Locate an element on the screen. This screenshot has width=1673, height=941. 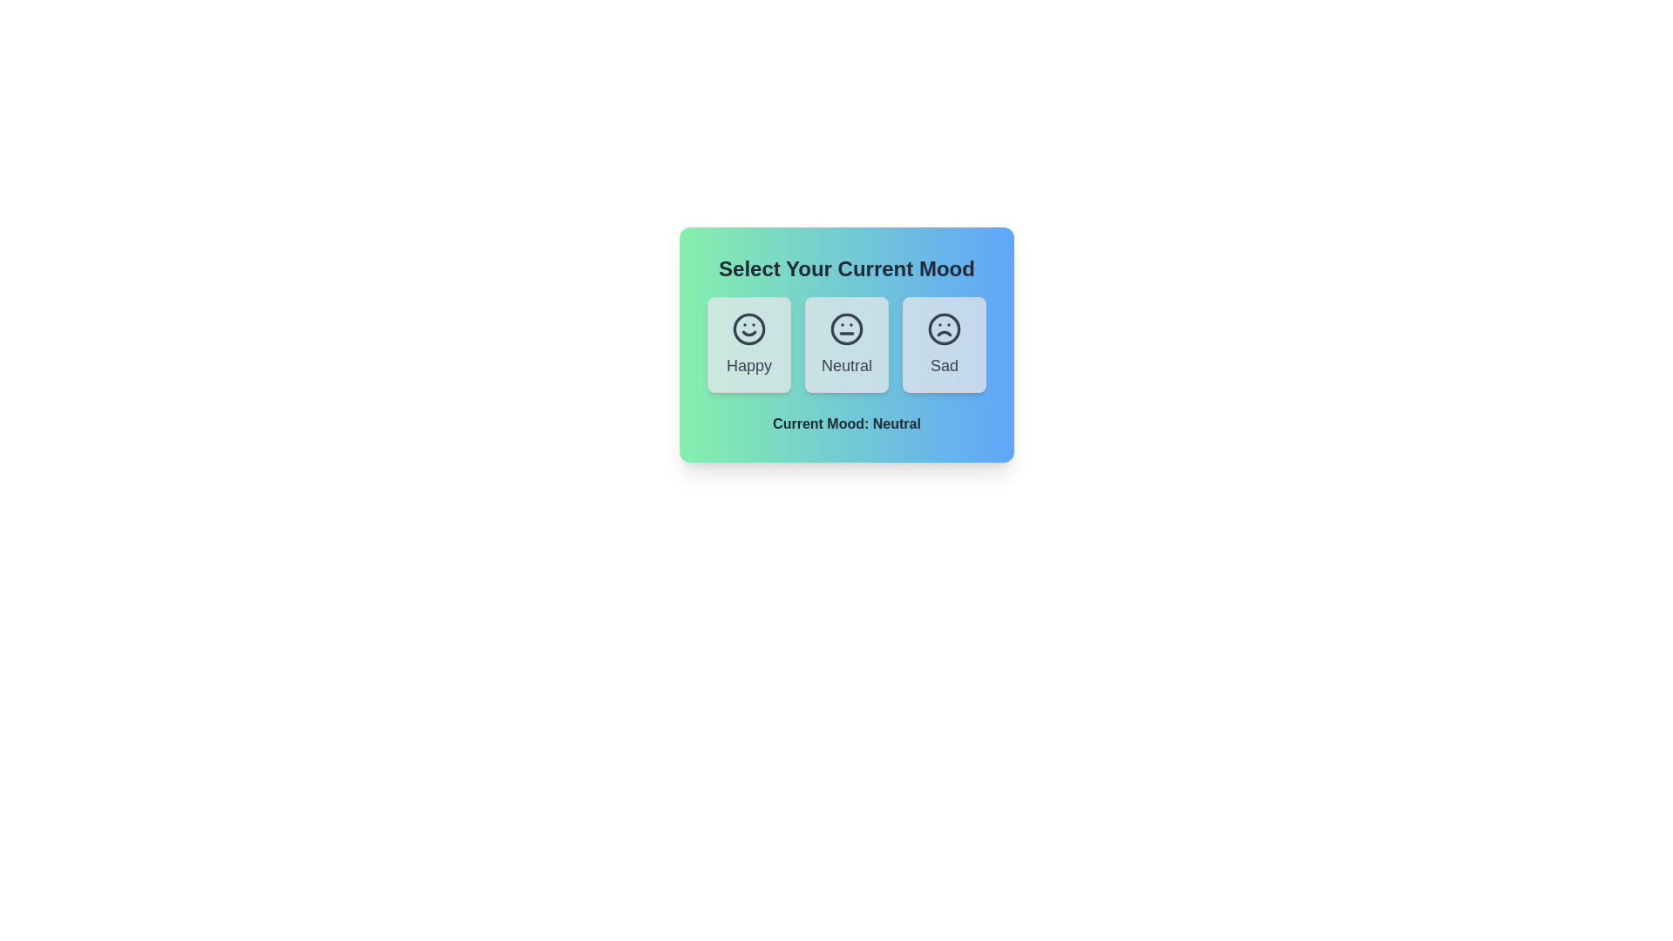
the button corresponding to the mood Sad is located at coordinates (944, 345).